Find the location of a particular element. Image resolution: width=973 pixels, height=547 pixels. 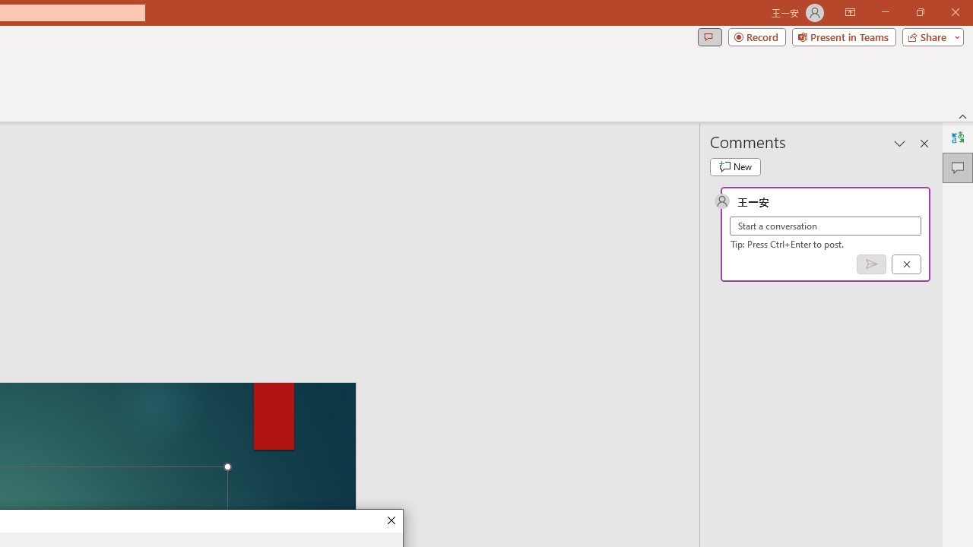

'Post comment (Ctrl + Enter)' is located at coordinates (871, 263).